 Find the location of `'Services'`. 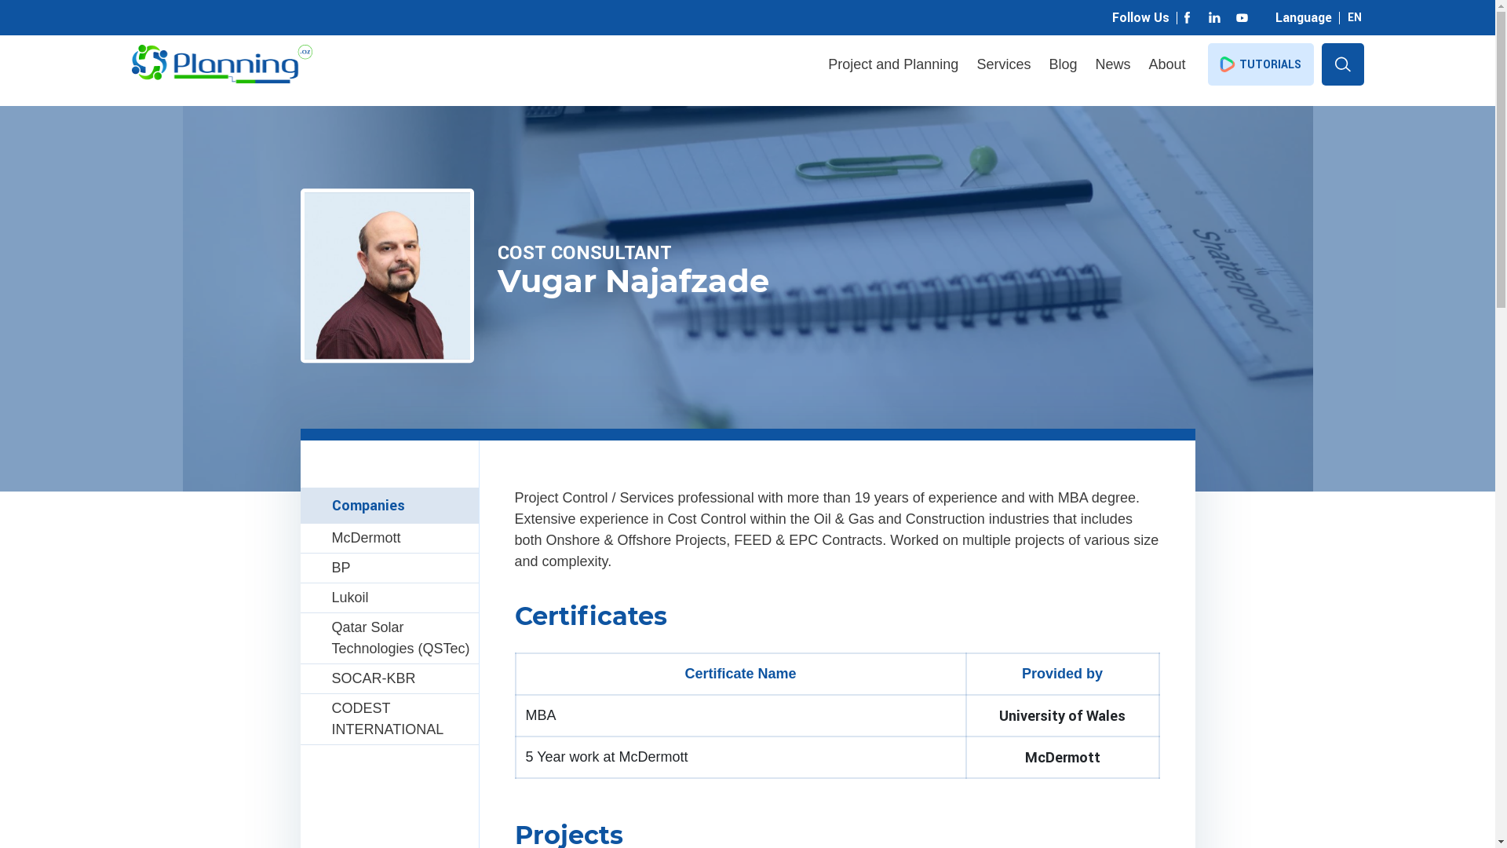

'Services' is located at coordinates (1002, 64).